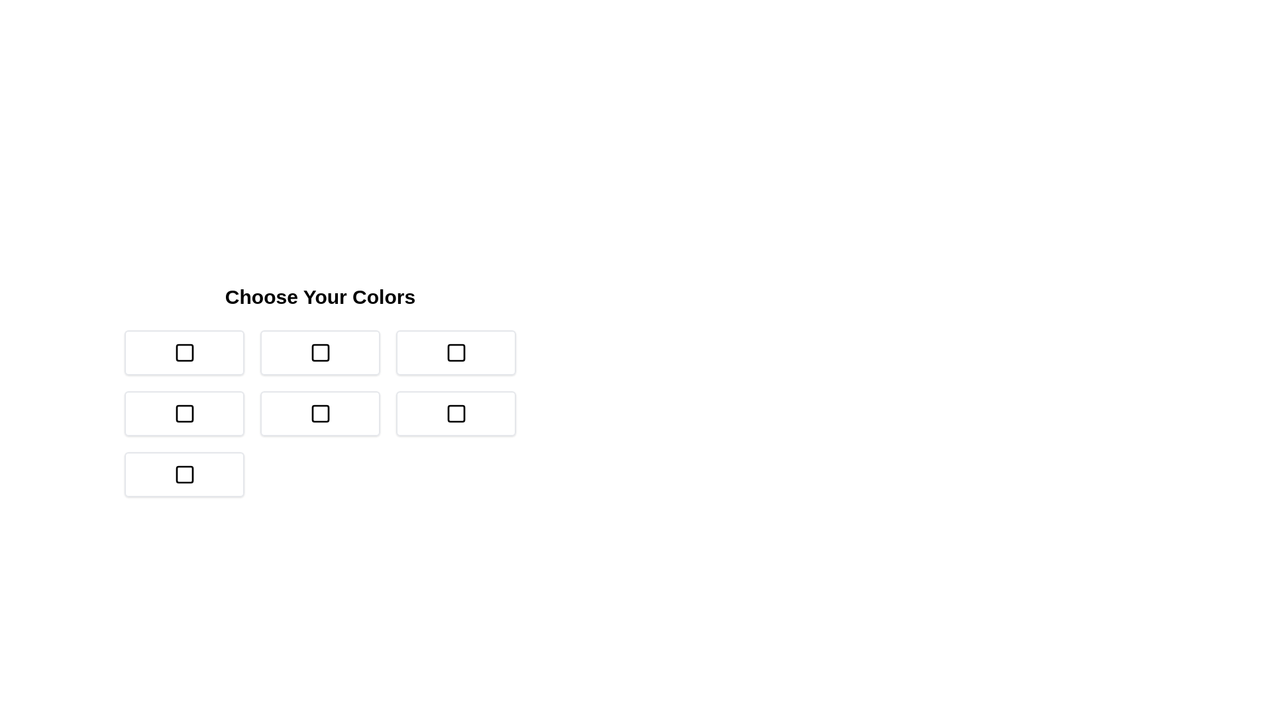  I want to click on the square of color purple, so click(320, 412).